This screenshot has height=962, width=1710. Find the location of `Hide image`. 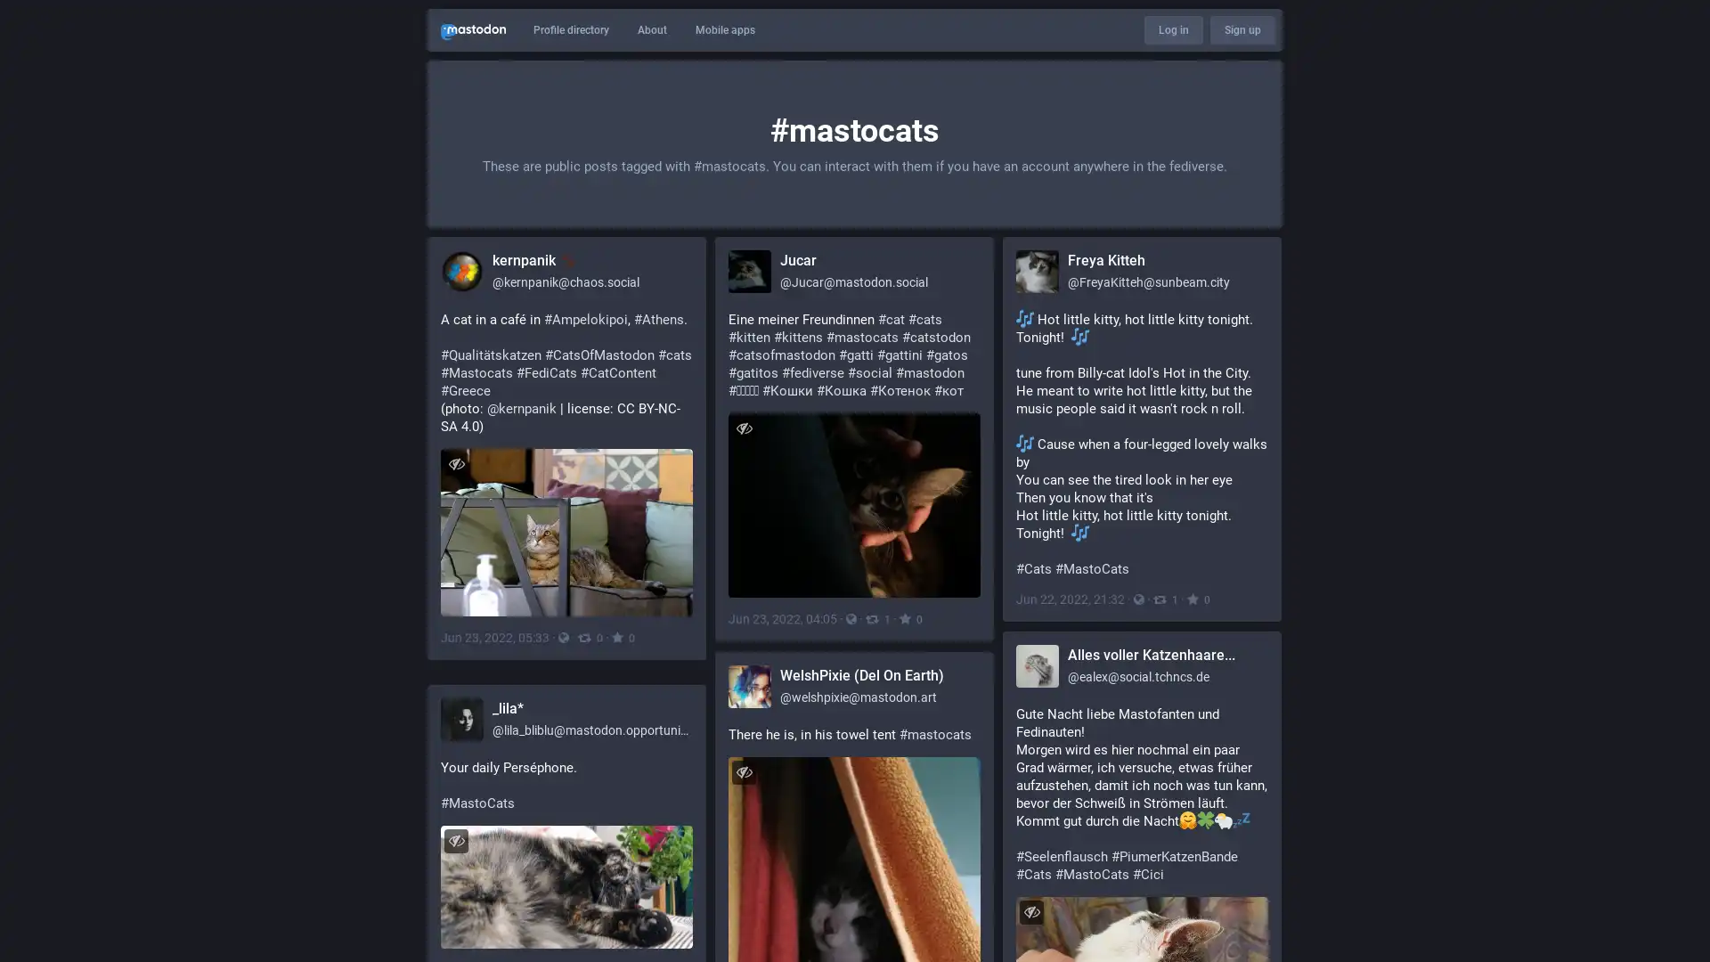

Hide image is located at coordinates (456, 462).